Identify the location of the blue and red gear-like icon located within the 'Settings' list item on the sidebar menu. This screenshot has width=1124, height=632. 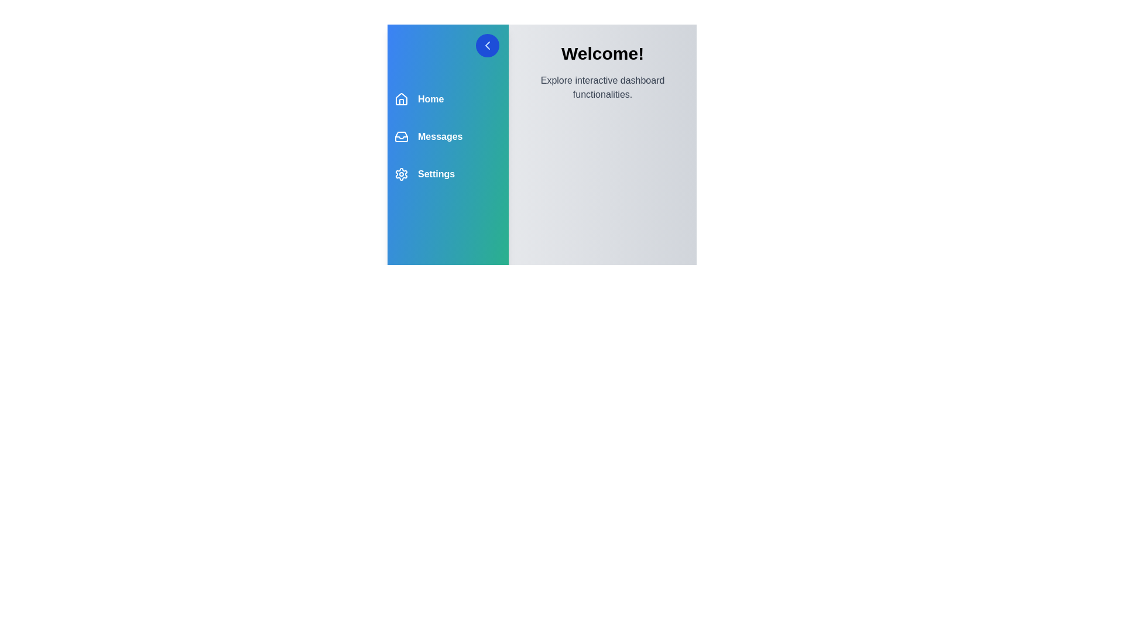
(402, 174).